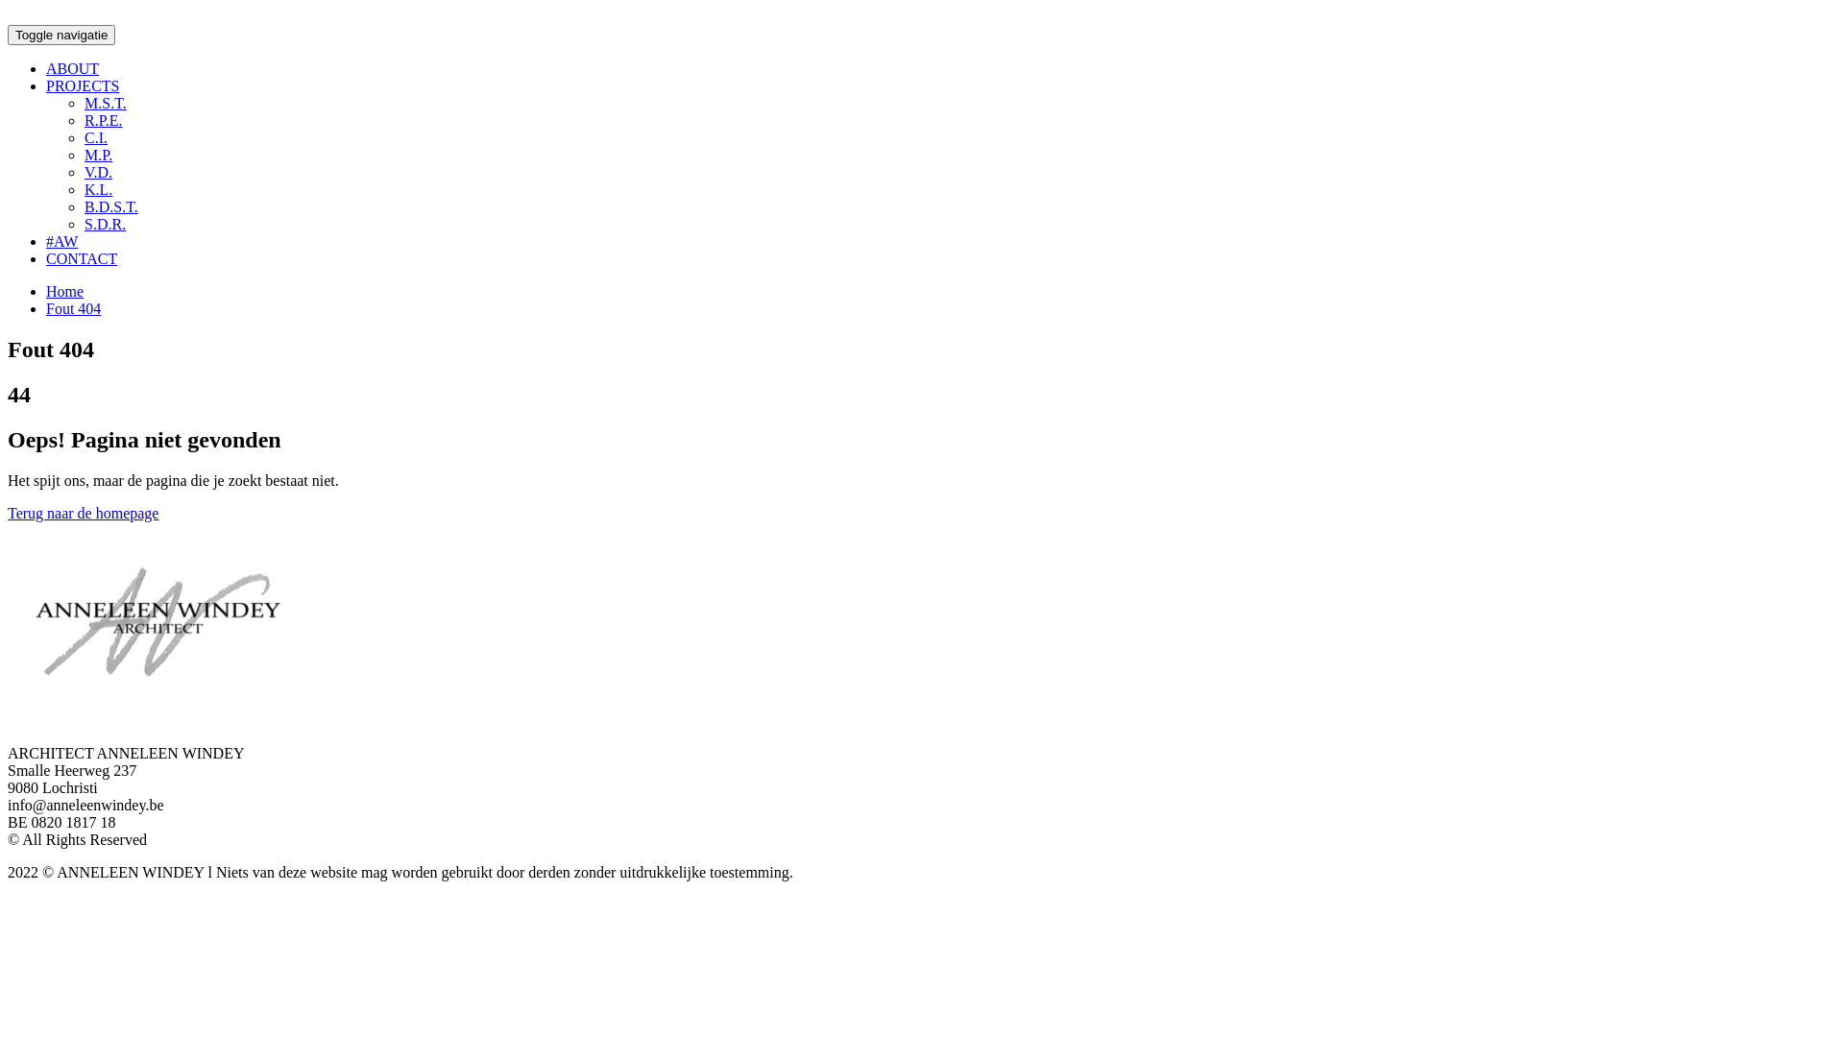  What do you see at coordinates (95, 136) in the screenshot?
I see `'C.I.'` at bounding box center [95, 136].